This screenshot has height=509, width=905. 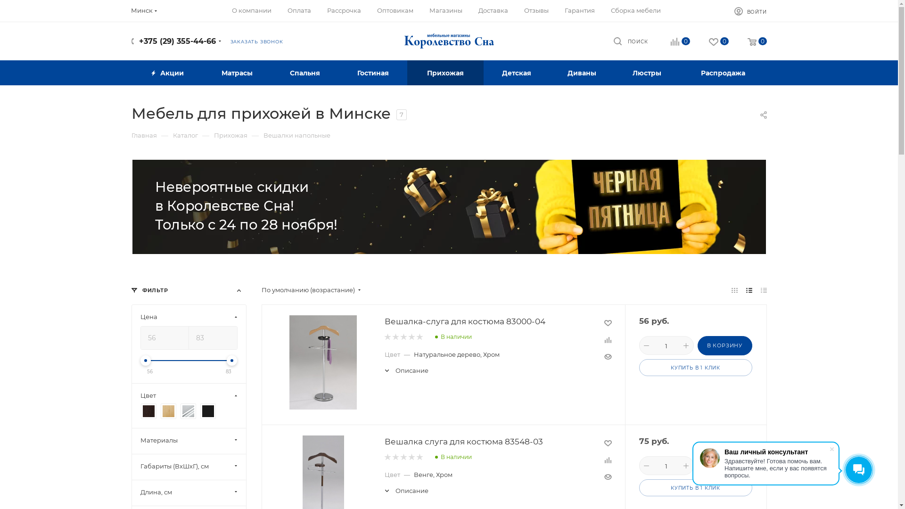 What do you see at coordinates (411, 337) in the screenshot?
I see `'4'` at bounding box center [411, 337].